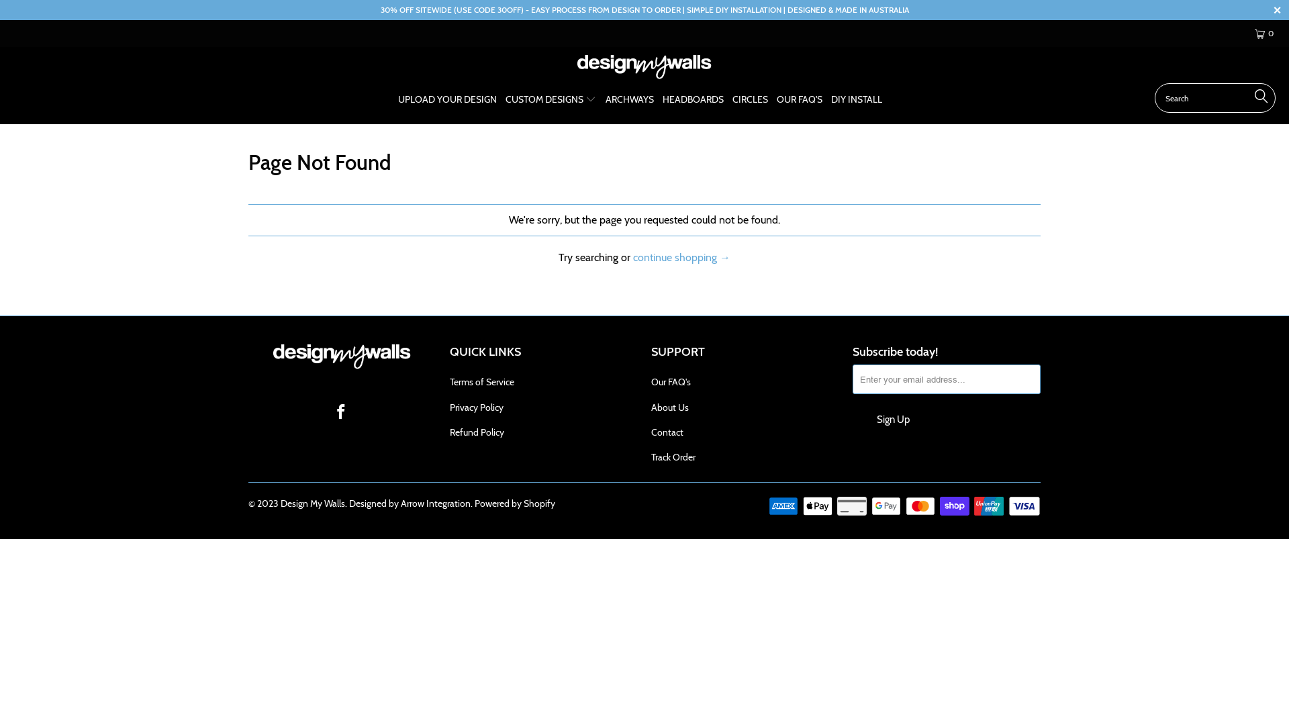 The image size is (1289, 725). What do you see at coordinates (693, 99) in the screenshot?
I see `'HEADBOARDS'` at bounding box center [693, 99].